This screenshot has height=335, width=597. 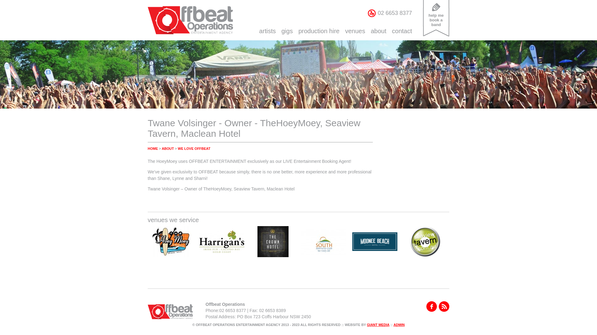 I want to click on 'WE LOVE OFFBEAT', so click(x=194, y=148).